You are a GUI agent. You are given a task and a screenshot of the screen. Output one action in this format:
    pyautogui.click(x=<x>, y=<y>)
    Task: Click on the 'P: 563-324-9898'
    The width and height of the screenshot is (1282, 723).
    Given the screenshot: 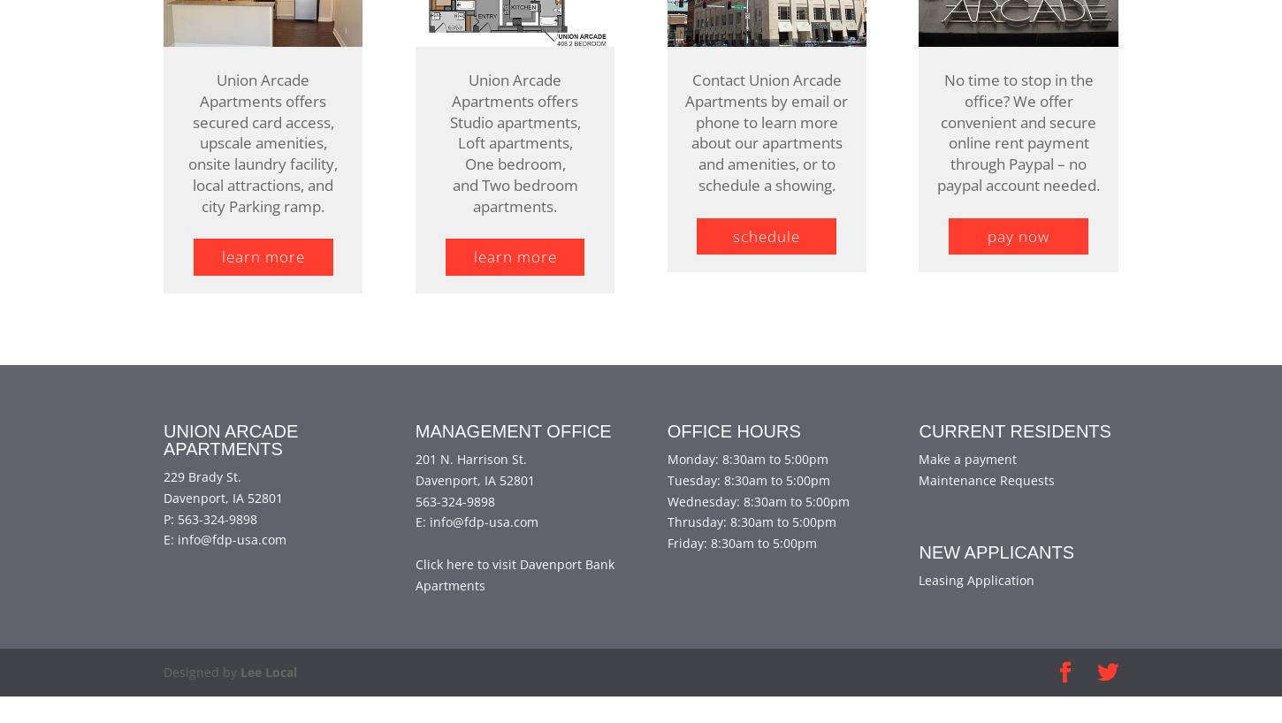 What is the action you would take?
    pyautogui.click(x=209, y=544)
    